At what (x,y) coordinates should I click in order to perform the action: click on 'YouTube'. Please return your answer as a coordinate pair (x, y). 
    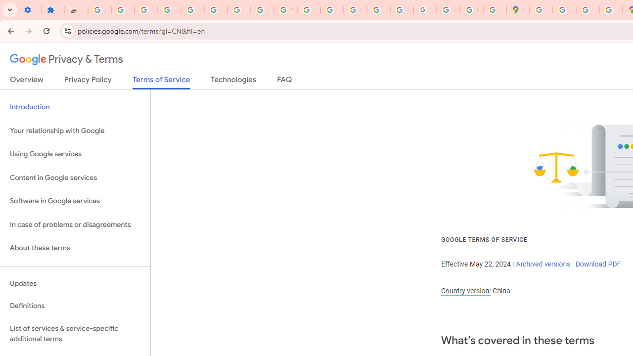
    Looking at the image, I should click on (285, 10).